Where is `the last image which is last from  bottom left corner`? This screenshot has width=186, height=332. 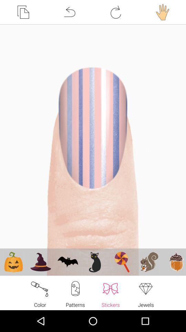 the last image which is last from  bottom left corner is located at coordinates (175, 261).